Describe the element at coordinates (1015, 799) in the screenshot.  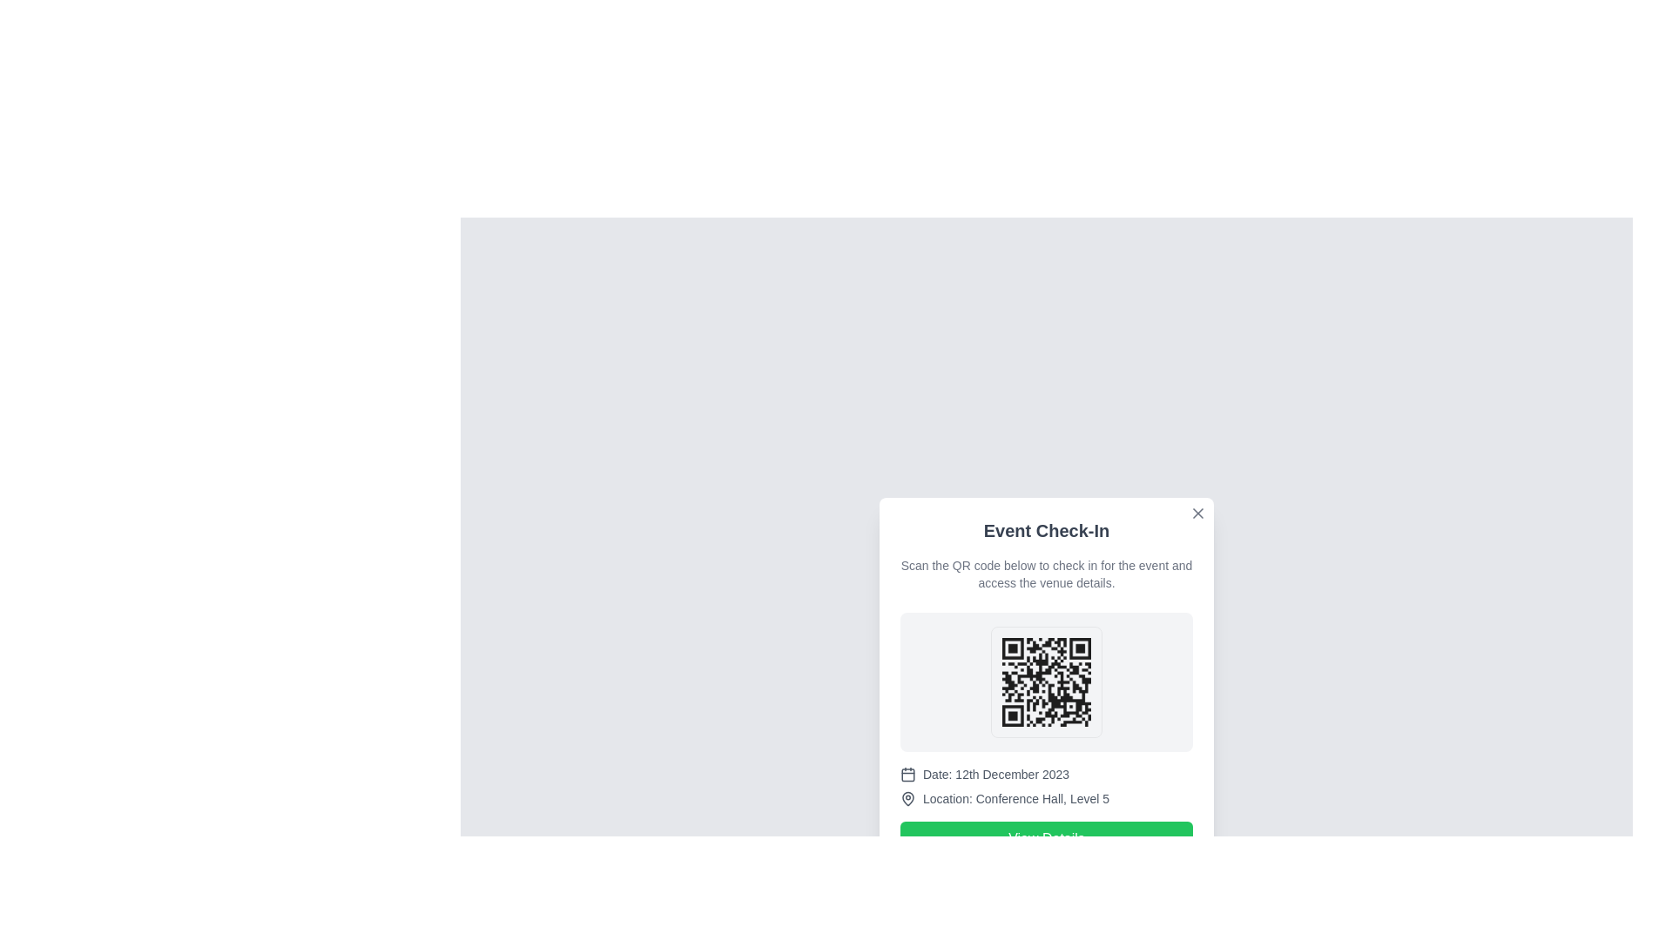
I see `text label that displays 'Location: Conference Hall, Level 5', which is positioned next to a location pin icon in a popup interface` at that location.